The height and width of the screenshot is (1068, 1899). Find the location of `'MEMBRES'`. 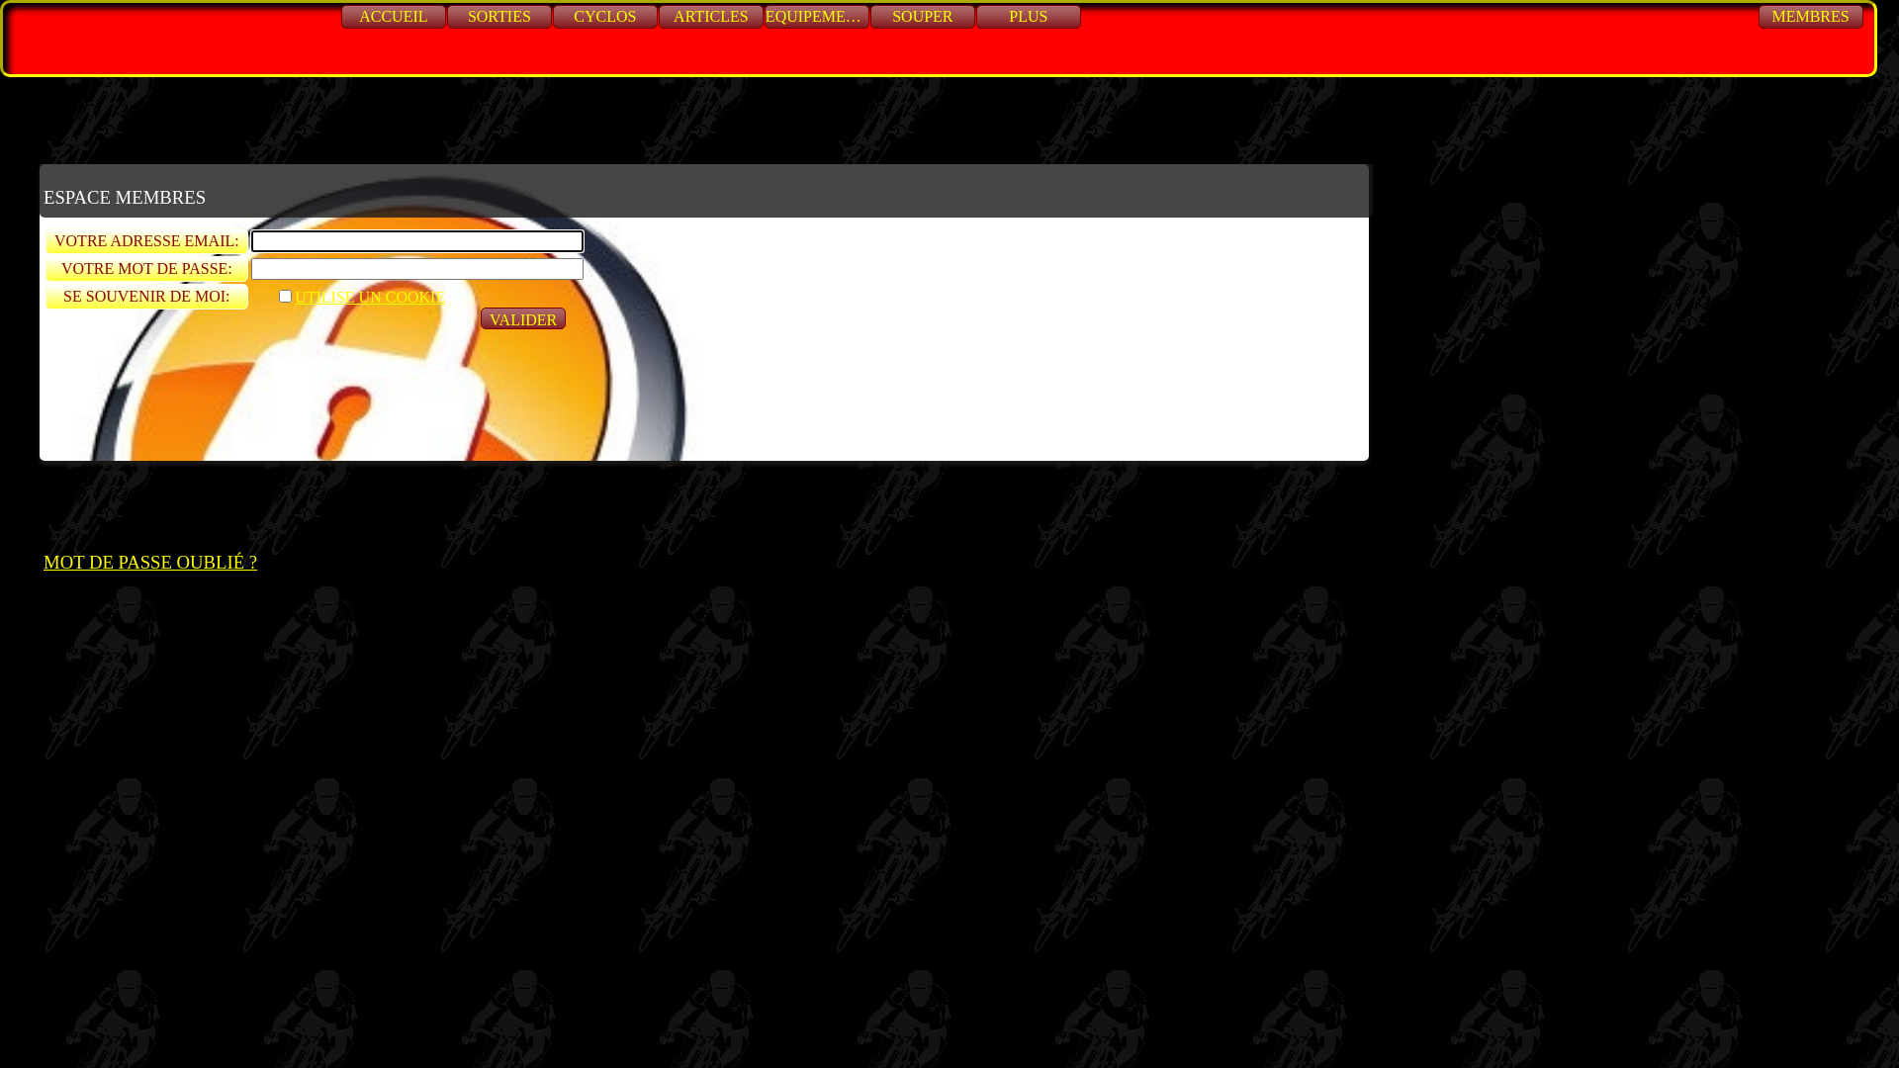

'MEMBRES' is located at coordinates (1810, 16).